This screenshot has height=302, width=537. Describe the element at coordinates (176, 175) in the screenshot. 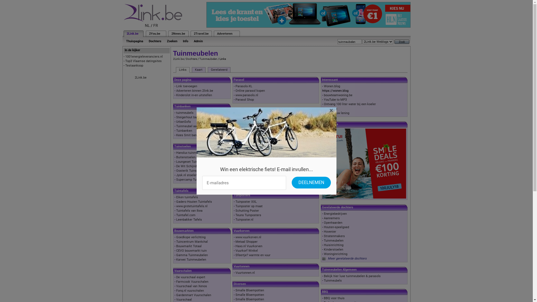

I see `'Jysk.nl stoelen voor de tuin'` at that location.